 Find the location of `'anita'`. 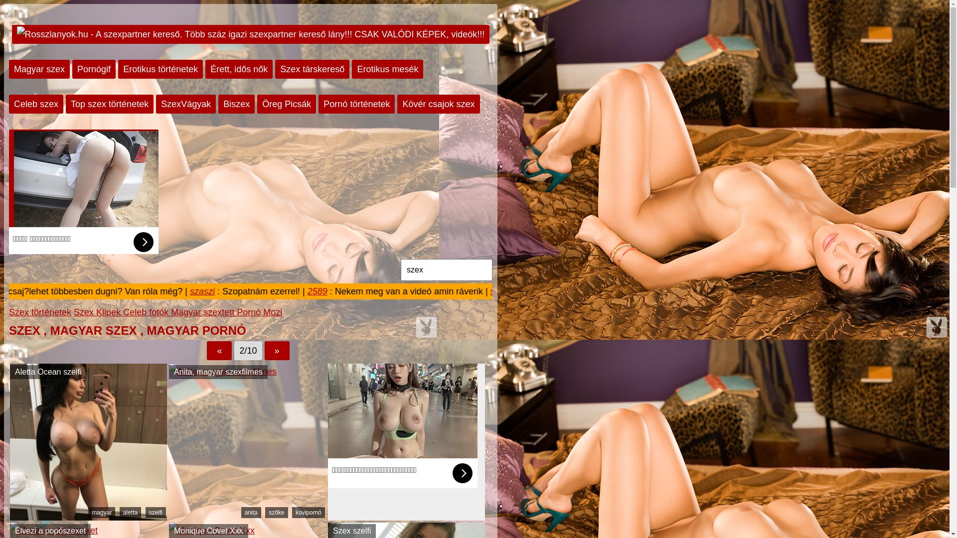

'anita' is located at coordinates (251, 513).